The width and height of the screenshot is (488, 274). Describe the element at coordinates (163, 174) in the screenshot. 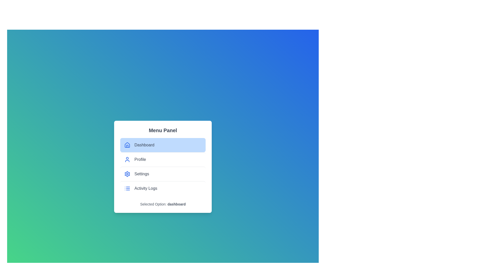

I see `the menu option settings by clicking on its entry` at that location.